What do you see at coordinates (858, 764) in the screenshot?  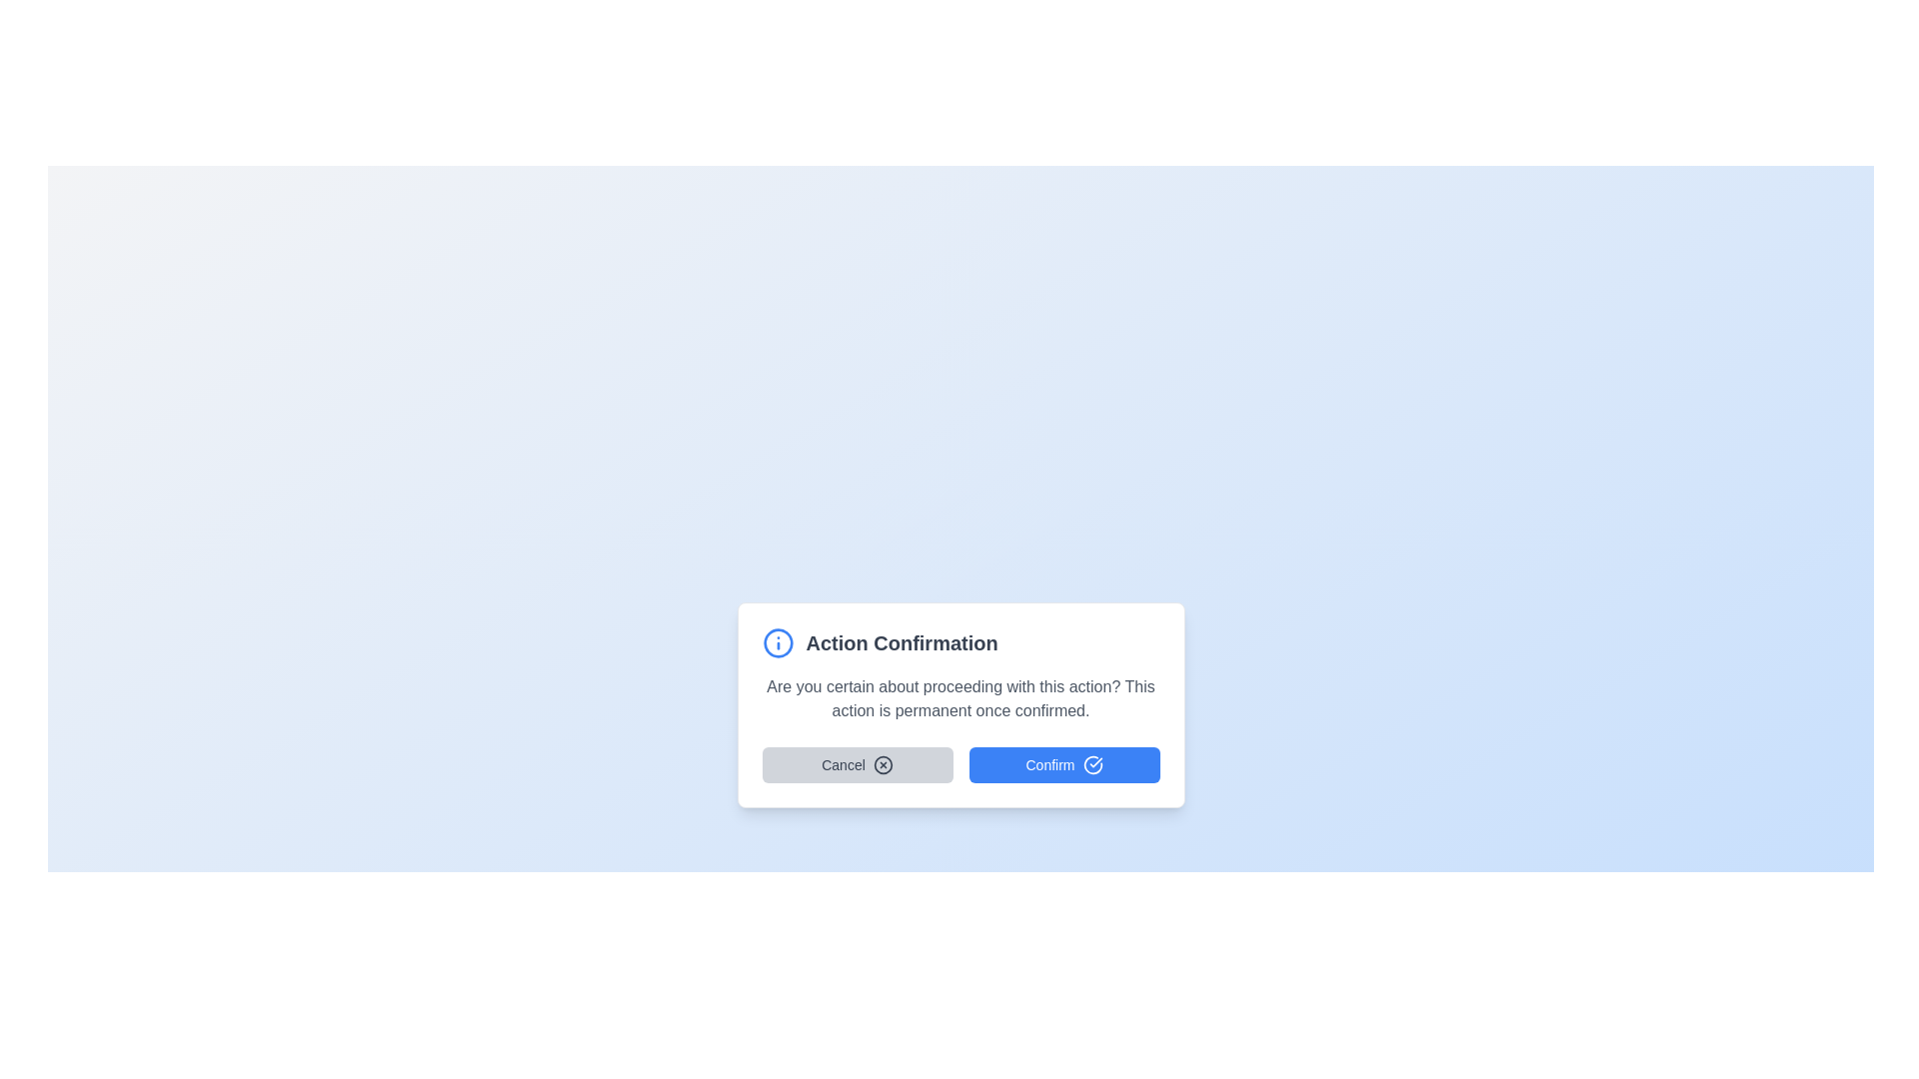 I see `the 'Cancel' button, which is a rounded rectangular button with a light gray background and dark gray text, located to the left of the 'Confirm' button in the confirmation dialog` at bounding box center [858, 764].